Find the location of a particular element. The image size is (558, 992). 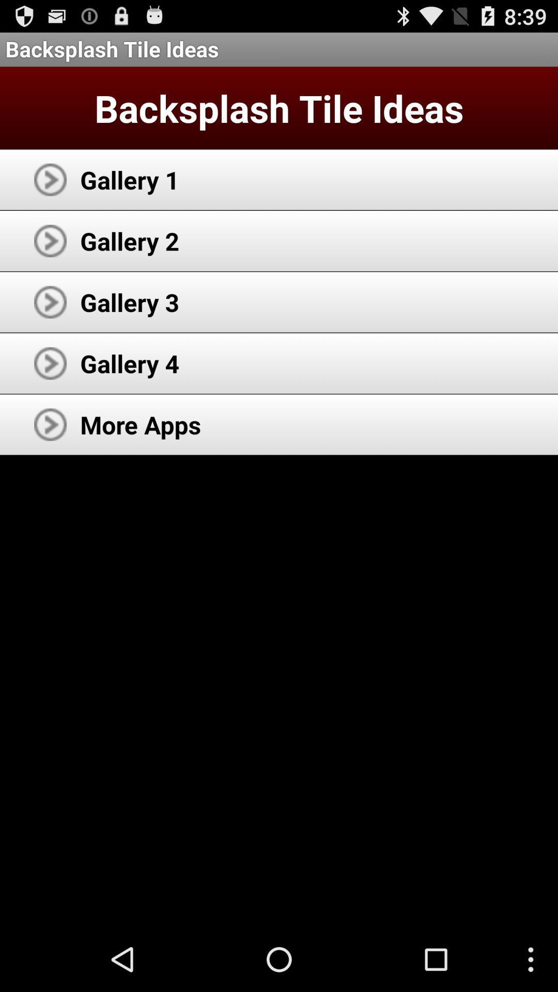

gallery 4 app is located at coordinates (129, 363).